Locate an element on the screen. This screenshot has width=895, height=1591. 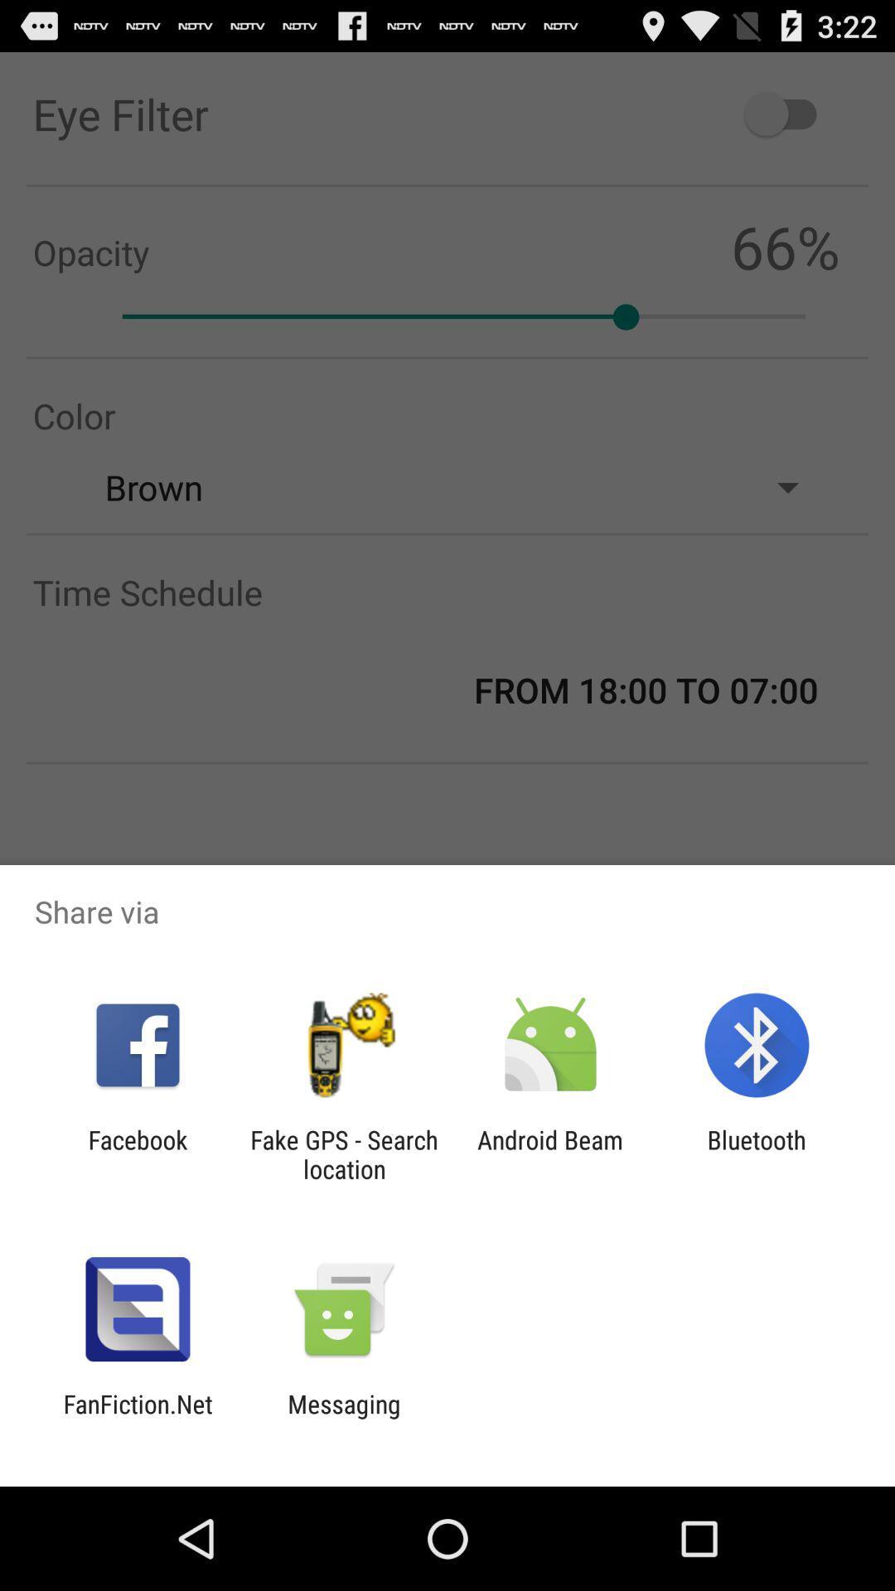
the item to the left of the fake gps search app is located at coordinates (137, 1153).